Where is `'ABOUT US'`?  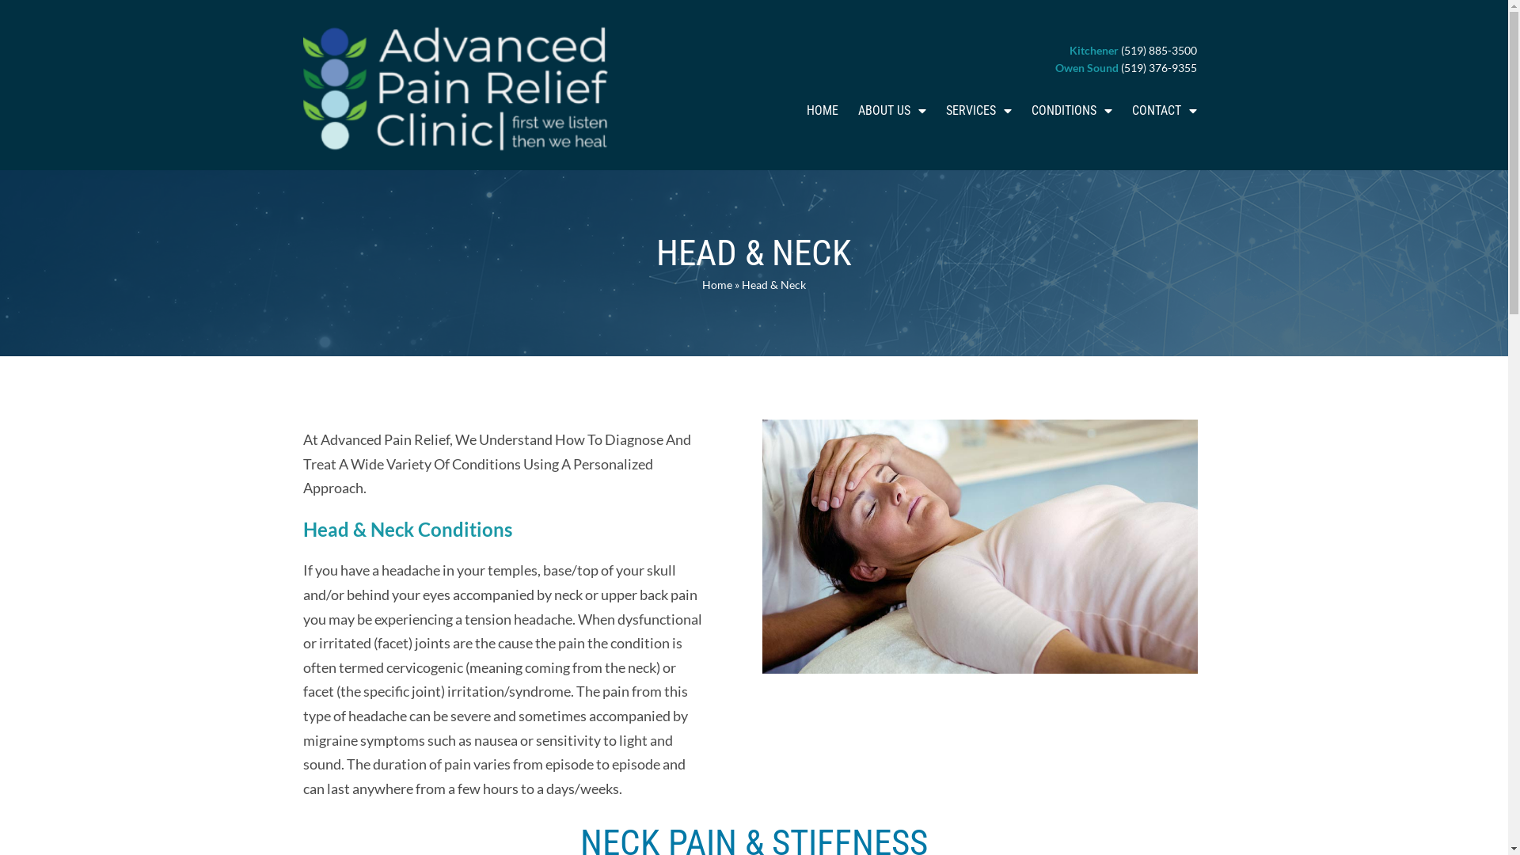 'ABOUT US' is located at coordinates (892, 108).